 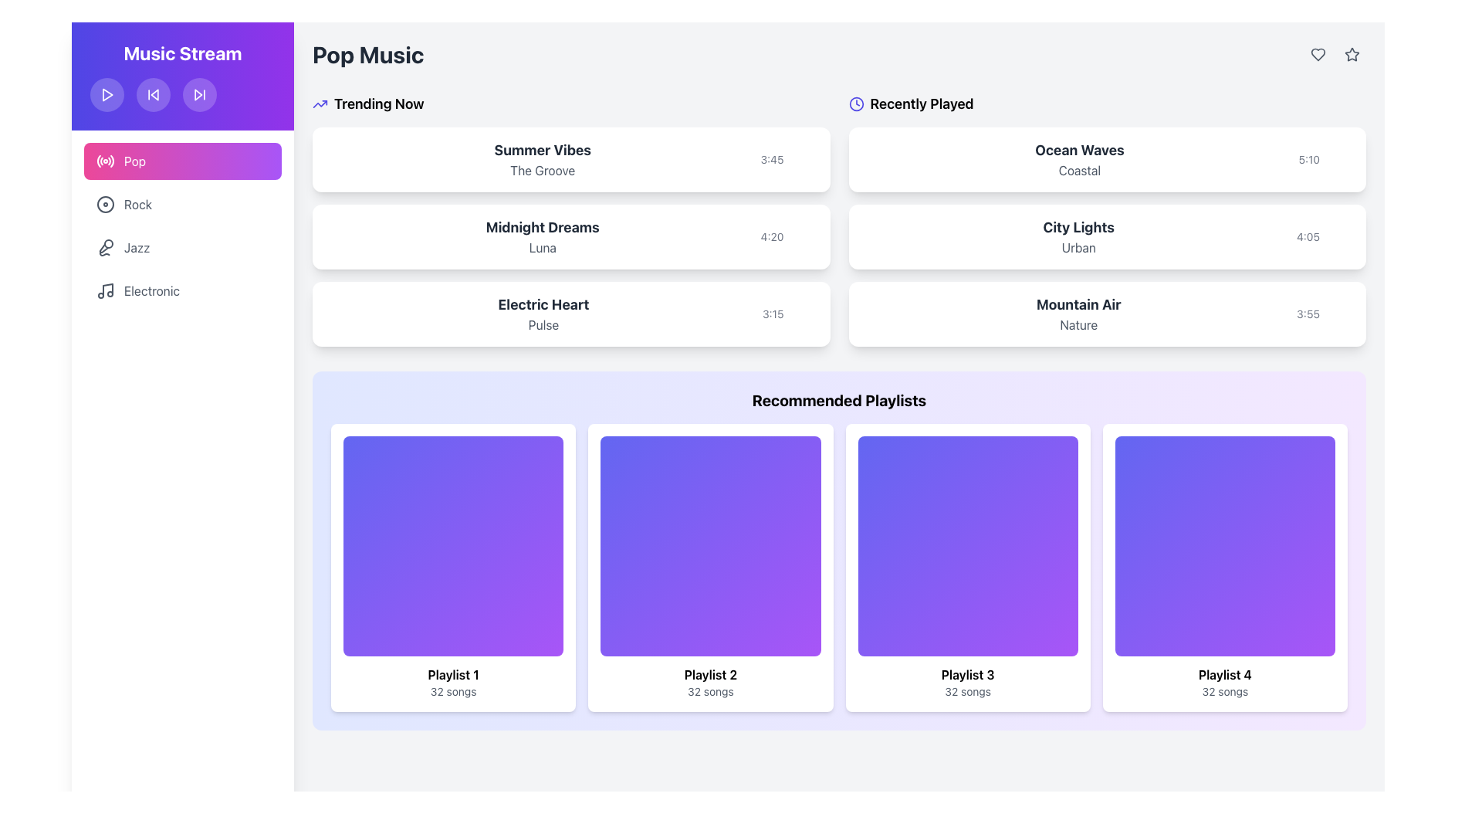 What do you see at coordinates (137, 204) in the screenshot?
I see `the 'Rock' text label in the vertical navigation menu` at bounding box center [137, 204].